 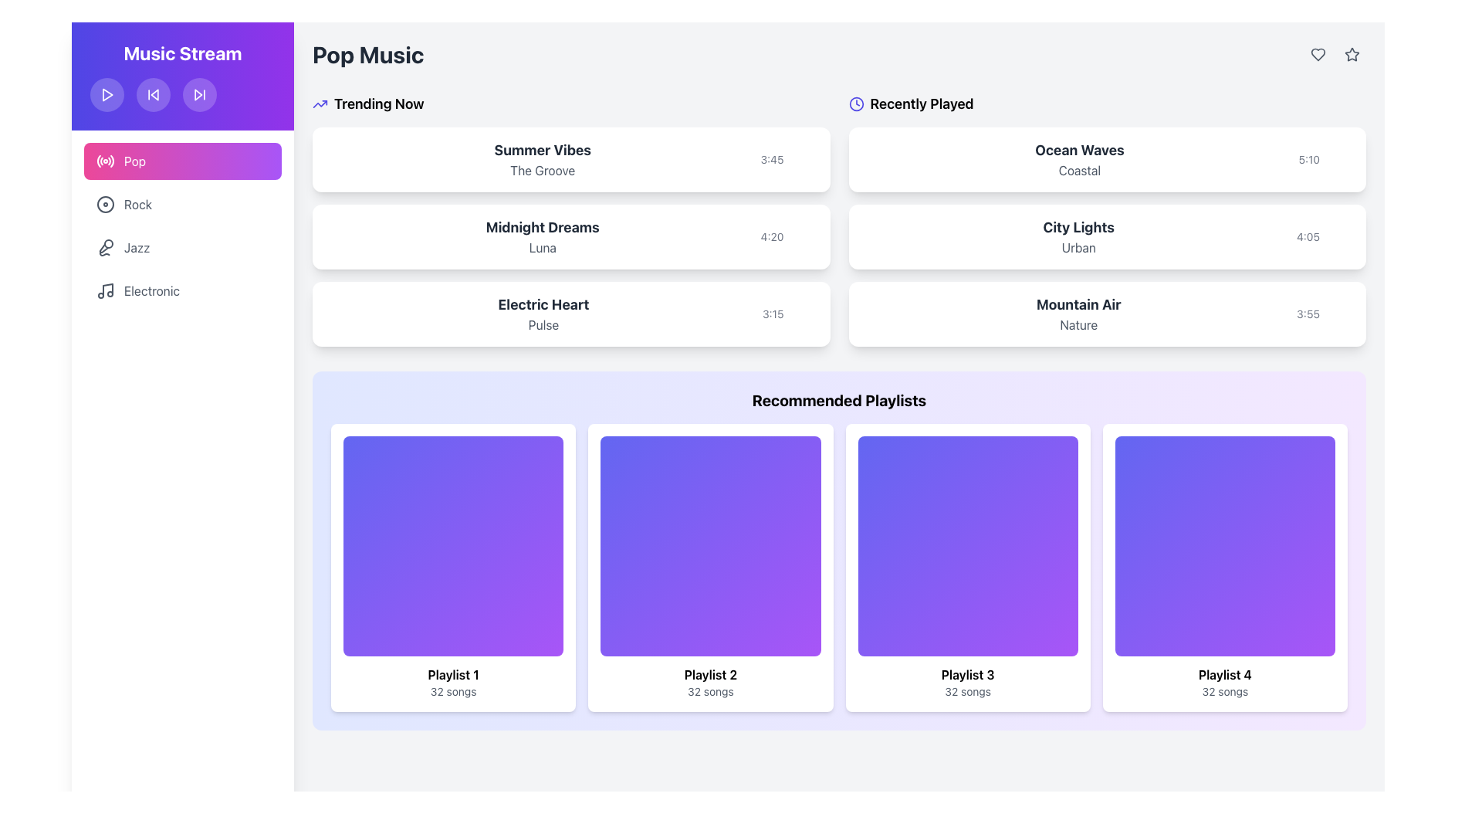 What do you see at coordinates (137, 204) in the screenshot?
I see `the 'Rock' text label in the vertical navigation menu` at bounding box center [137, 204].